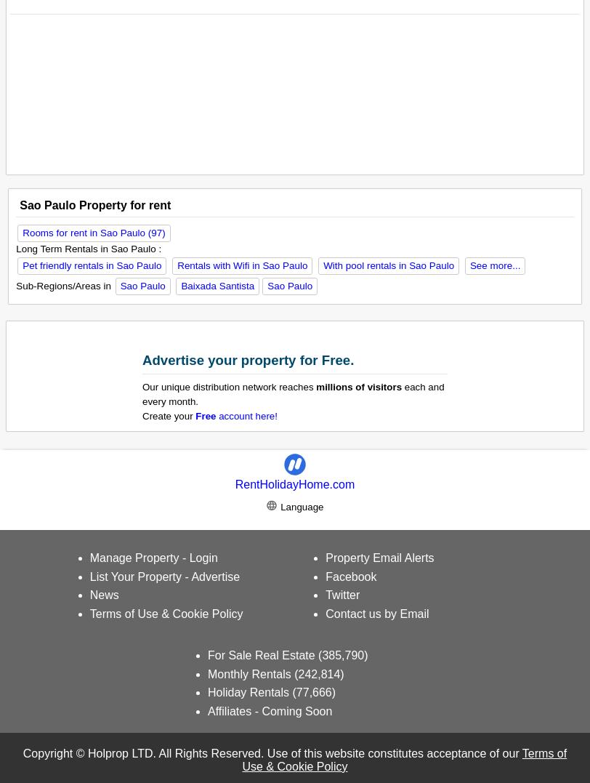  What do you see at coordinates (246, 415) in the screenshot?
I see `'account here!'` at bounding box center [246, 415].